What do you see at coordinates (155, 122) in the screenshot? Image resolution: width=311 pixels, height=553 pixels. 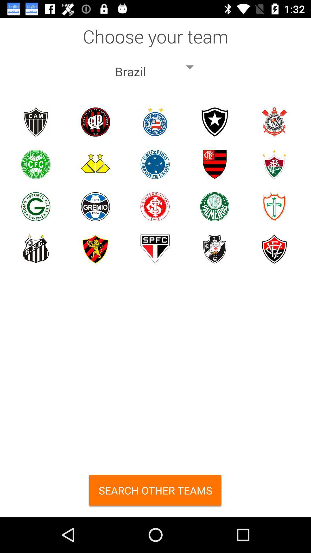 I see `choose your team in brazil` at bounding box center [155, 122].